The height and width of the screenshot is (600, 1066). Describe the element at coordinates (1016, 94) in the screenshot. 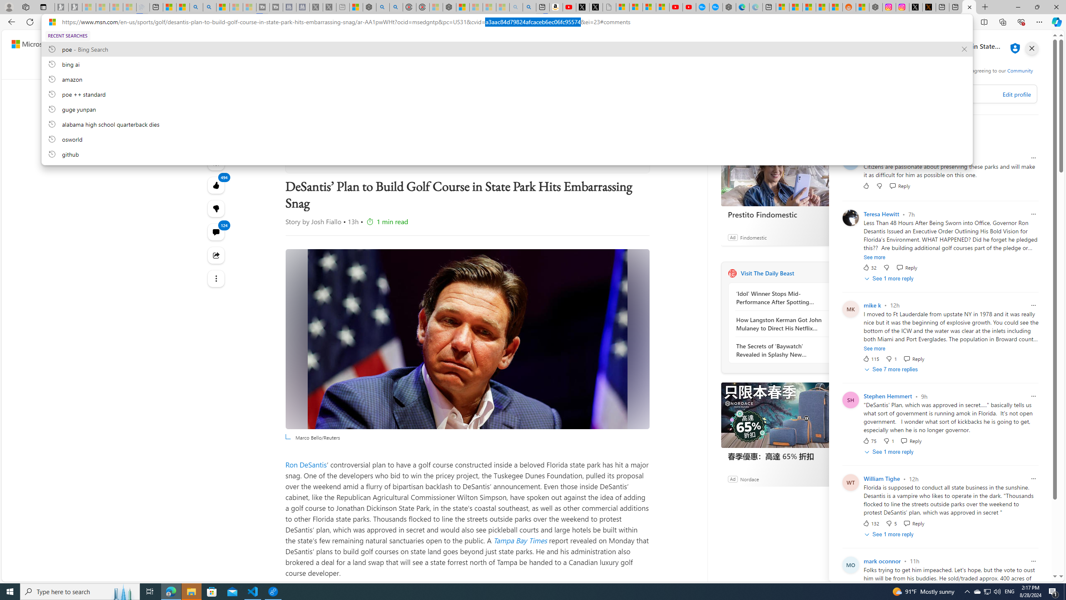

I see `'Edit profile'` at that location.